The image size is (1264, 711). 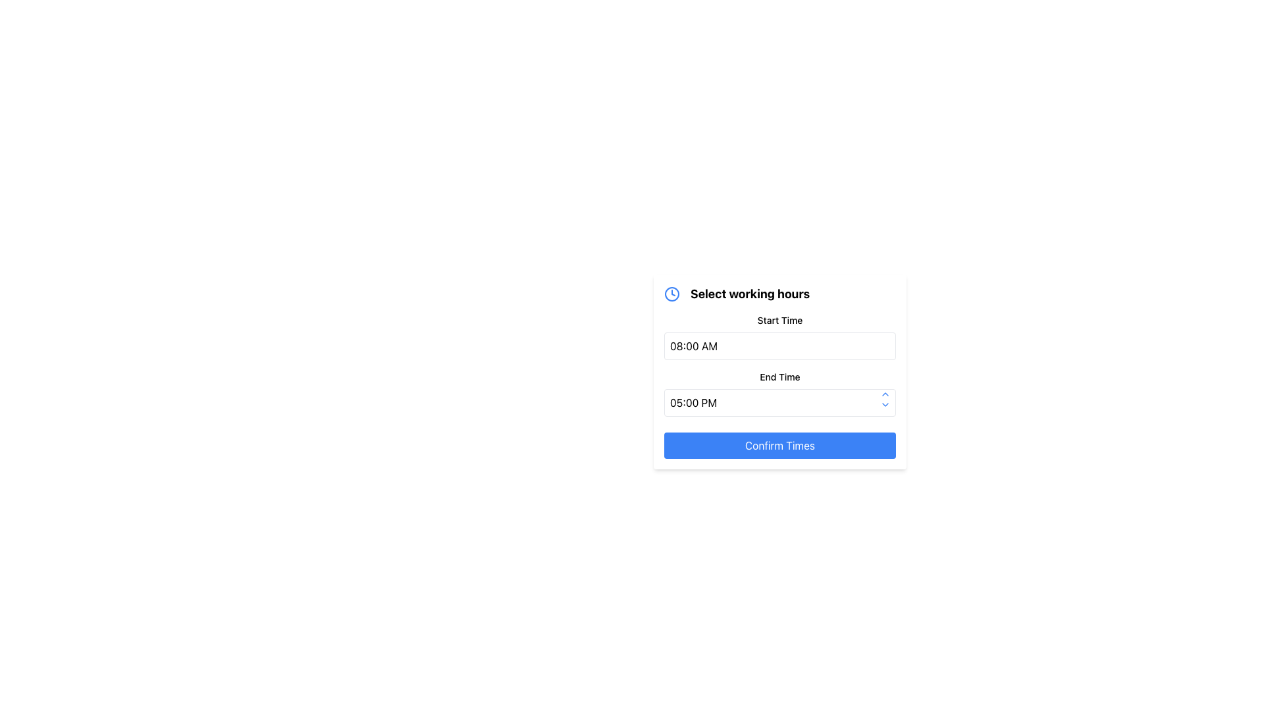 I want to click on the circular clock icon with a blue outline located to the left of the 'Select working hours' text, so click(x=672, y=294).